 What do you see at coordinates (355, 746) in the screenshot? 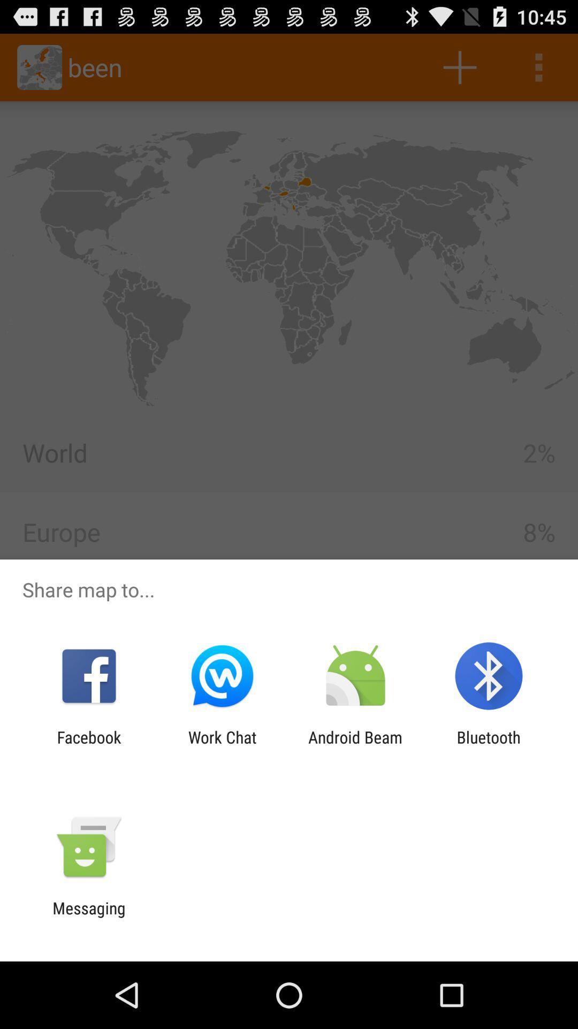
I see `the app next to bluetooth item` at bounding box center [355, 746].